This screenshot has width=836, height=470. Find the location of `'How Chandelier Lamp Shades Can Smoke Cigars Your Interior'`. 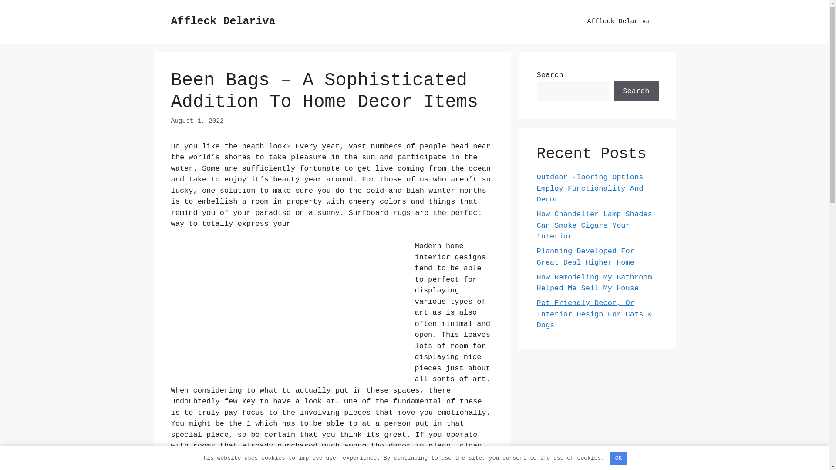

'How Chandelier Lamp Shades Can Smoke Cigars Your Interior' is located at coordinates (593, 225).